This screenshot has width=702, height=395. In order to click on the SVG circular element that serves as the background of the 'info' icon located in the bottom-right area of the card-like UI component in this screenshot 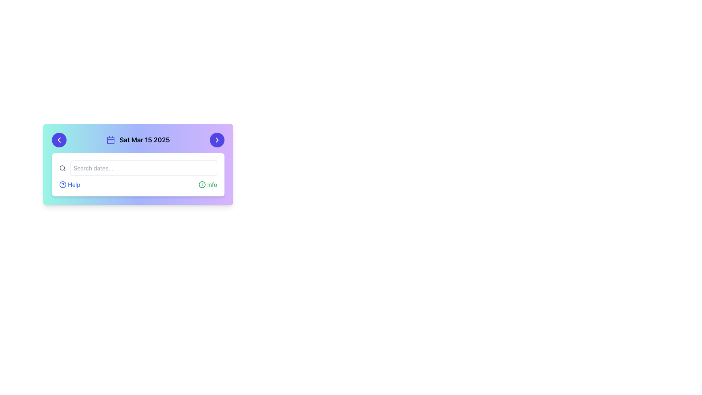, I will do `click(202, 184)`.